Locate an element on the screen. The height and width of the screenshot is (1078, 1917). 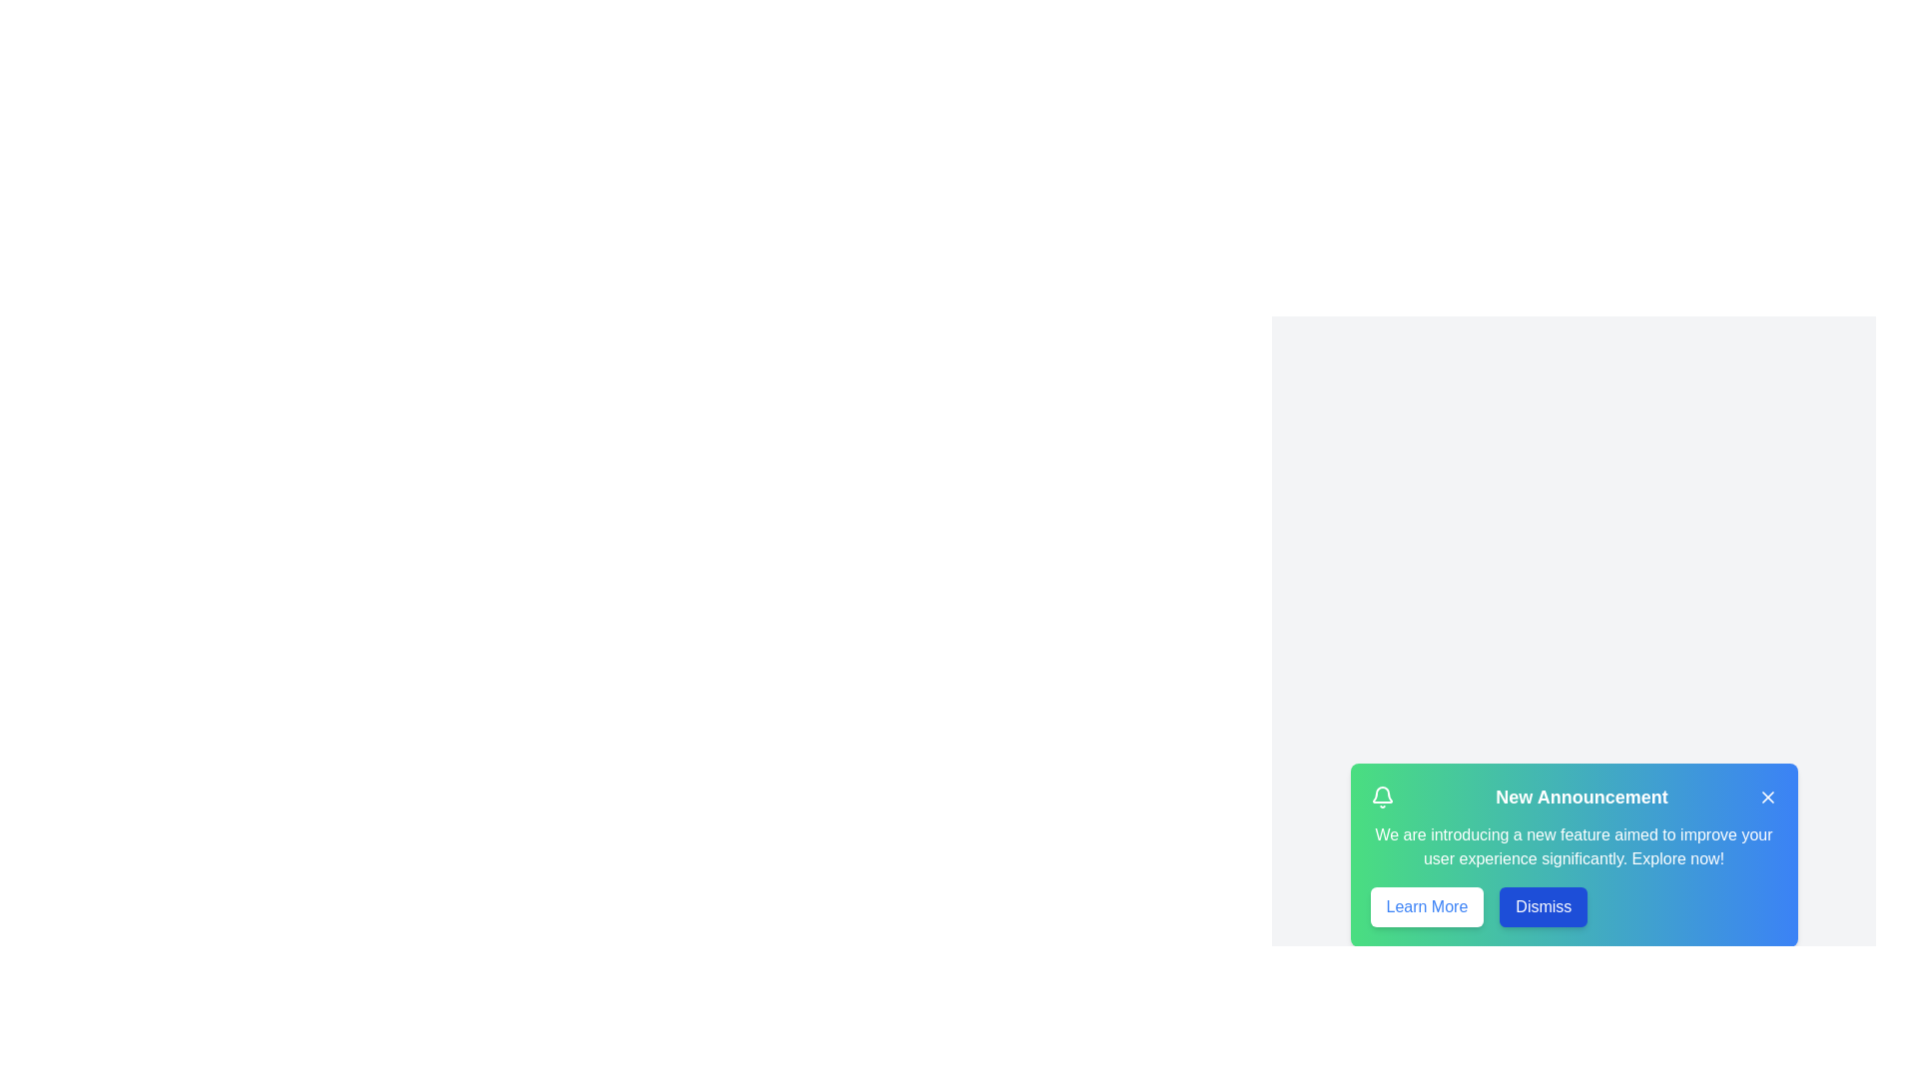
the second button from left to right under the 'New Announcement' message box is located at coordinates (1543, 907).